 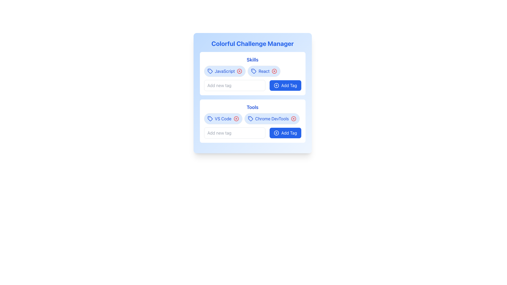 What do you see at coordinates (252, 85) in the screenshot?
I see `the text input field of the Composite component for adding new tags in the 'Skills' section` at bounding box center [252, 85].